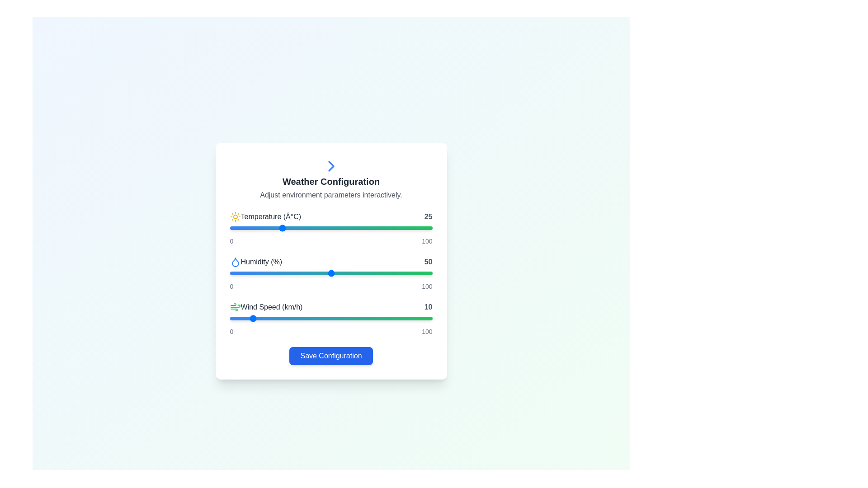  What do you see at coordinates (330, 166) in the screenshot?
I see `the blue, rounded vector graphic icon located at the top center of the configuration card, above the header text 'Weather Configuration'` at bounding box center [330, 166].